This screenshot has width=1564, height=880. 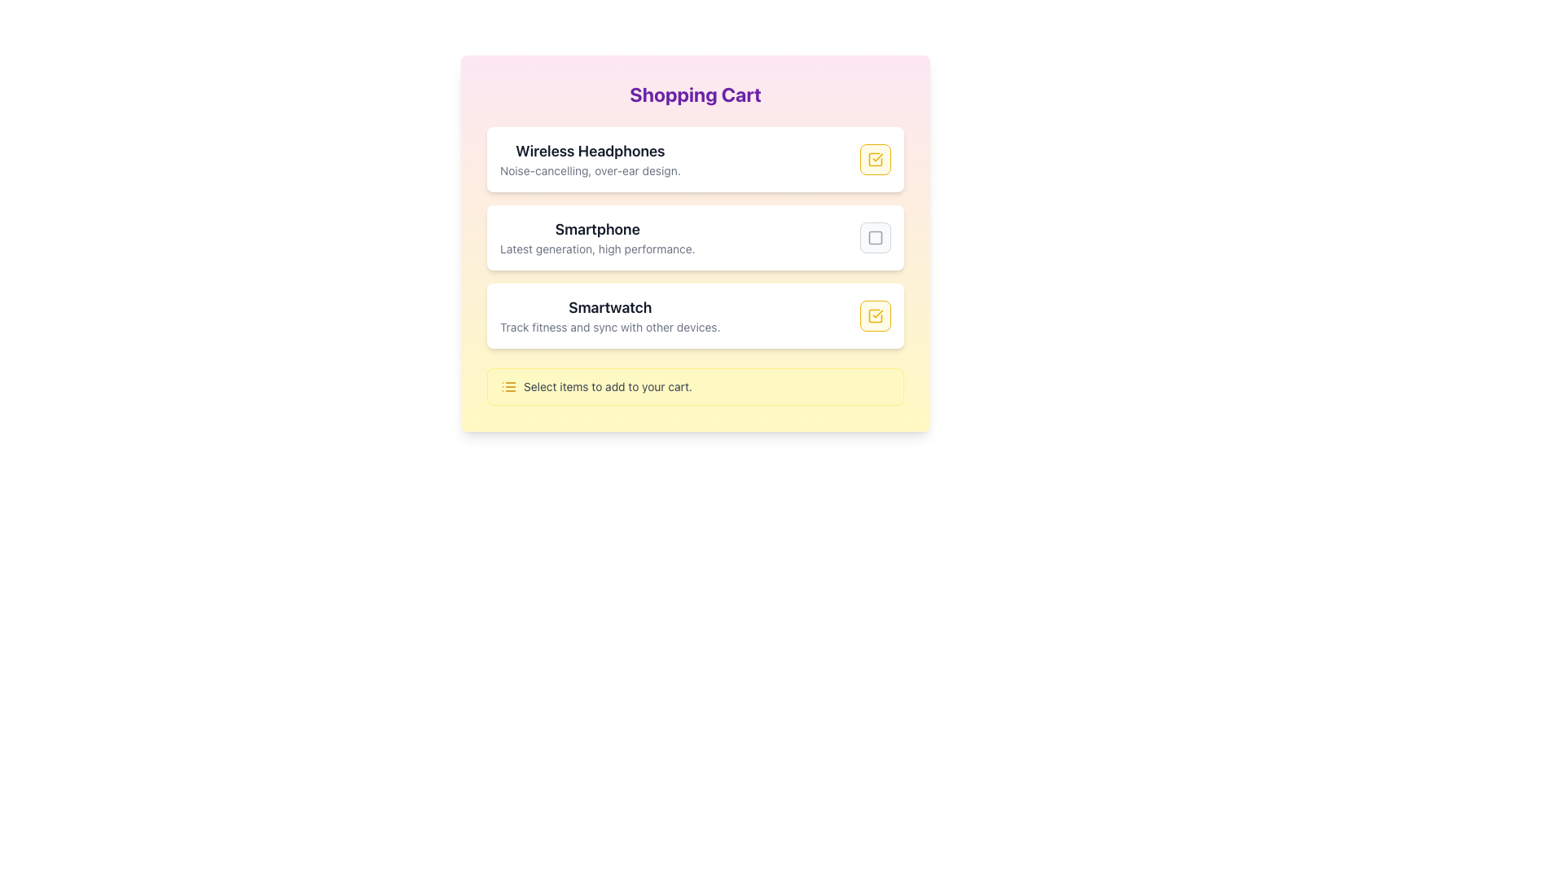 I want to click on the text element displaying 'Smartwatch', which is the title of the product card in the shopping cart section, so click(x=609, y=308).